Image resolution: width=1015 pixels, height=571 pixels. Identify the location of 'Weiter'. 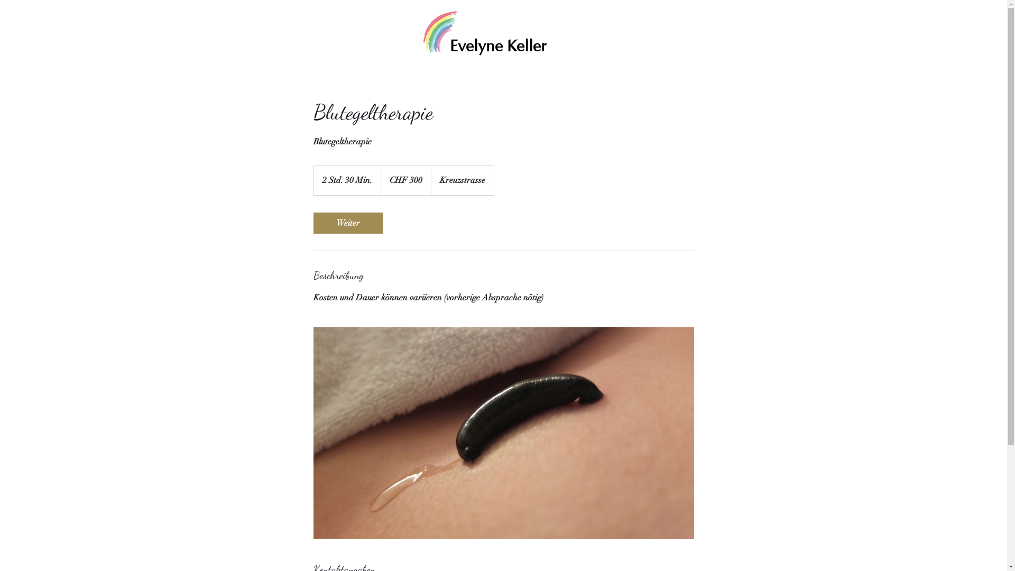
(347, 222).